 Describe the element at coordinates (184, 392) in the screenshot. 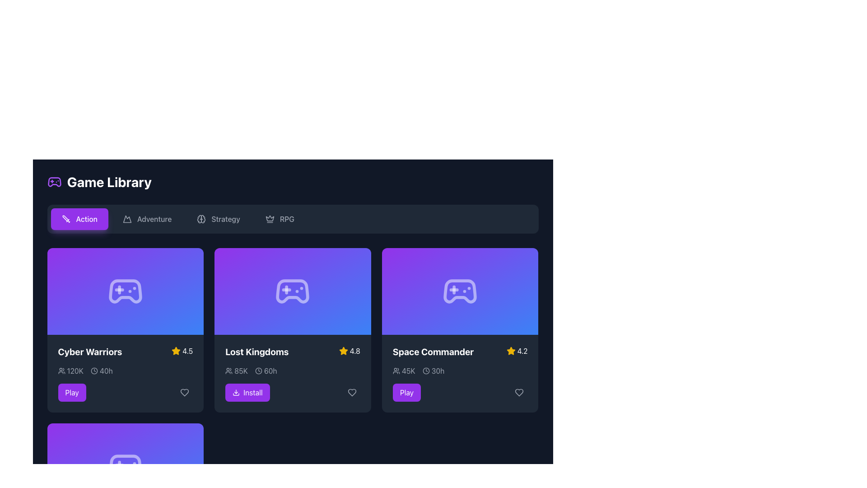

I see `the heart icon button located in the lower-right corner of the first game card in the second row` at that location.